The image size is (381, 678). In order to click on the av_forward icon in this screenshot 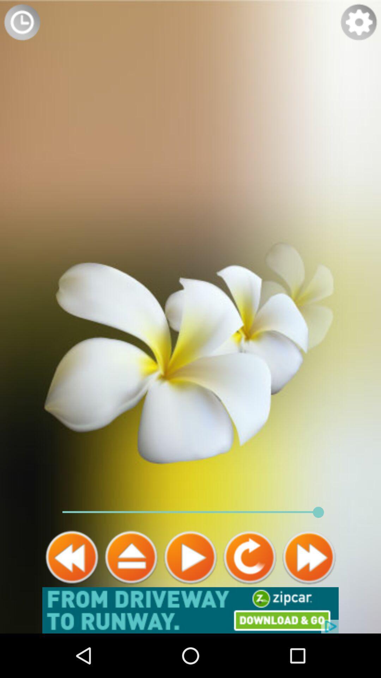, I will do `click(308, 557)`.